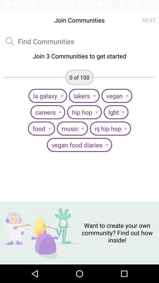  What do you see at coordinates (149, 20) in the screenshot?
I see `the next at the top right corner` at bounding box center [149, 20].